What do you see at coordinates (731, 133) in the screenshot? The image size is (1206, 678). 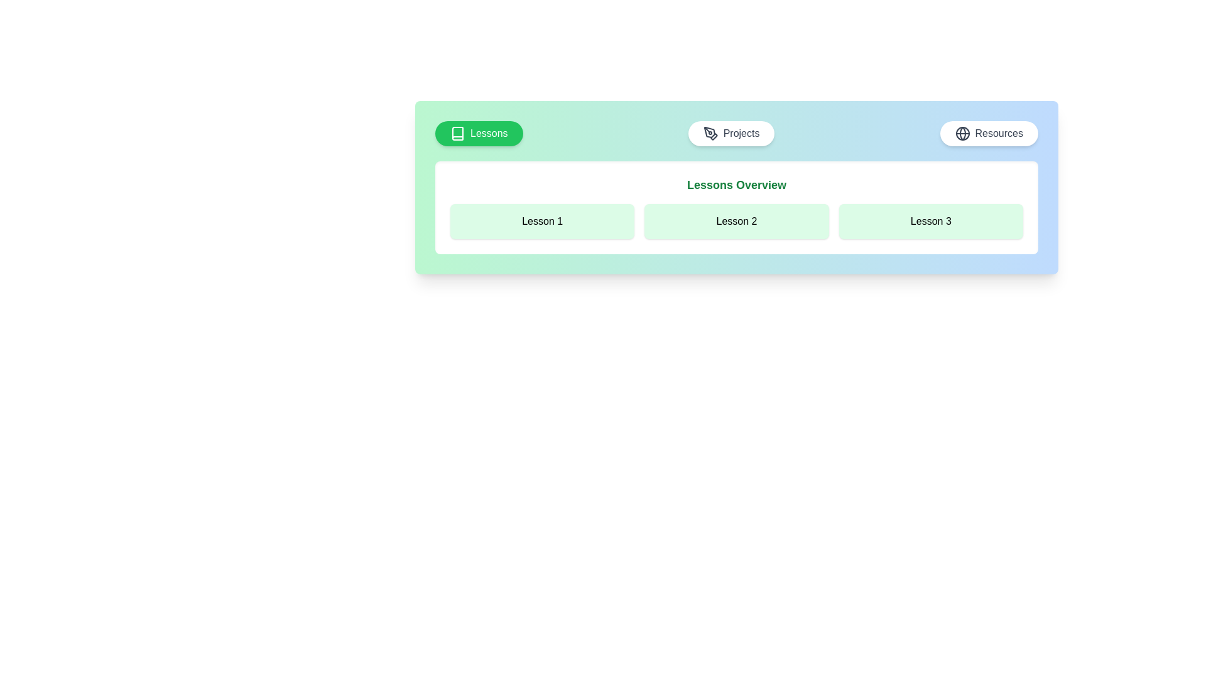 I see `the 'Projects' button, which is a rectangular button with rounded corners, a white background, and contains a pen tool icon on the left and dark-gray text on the right, located in the header section of the interface as the second button from the left` at bounding box center [731, 133].